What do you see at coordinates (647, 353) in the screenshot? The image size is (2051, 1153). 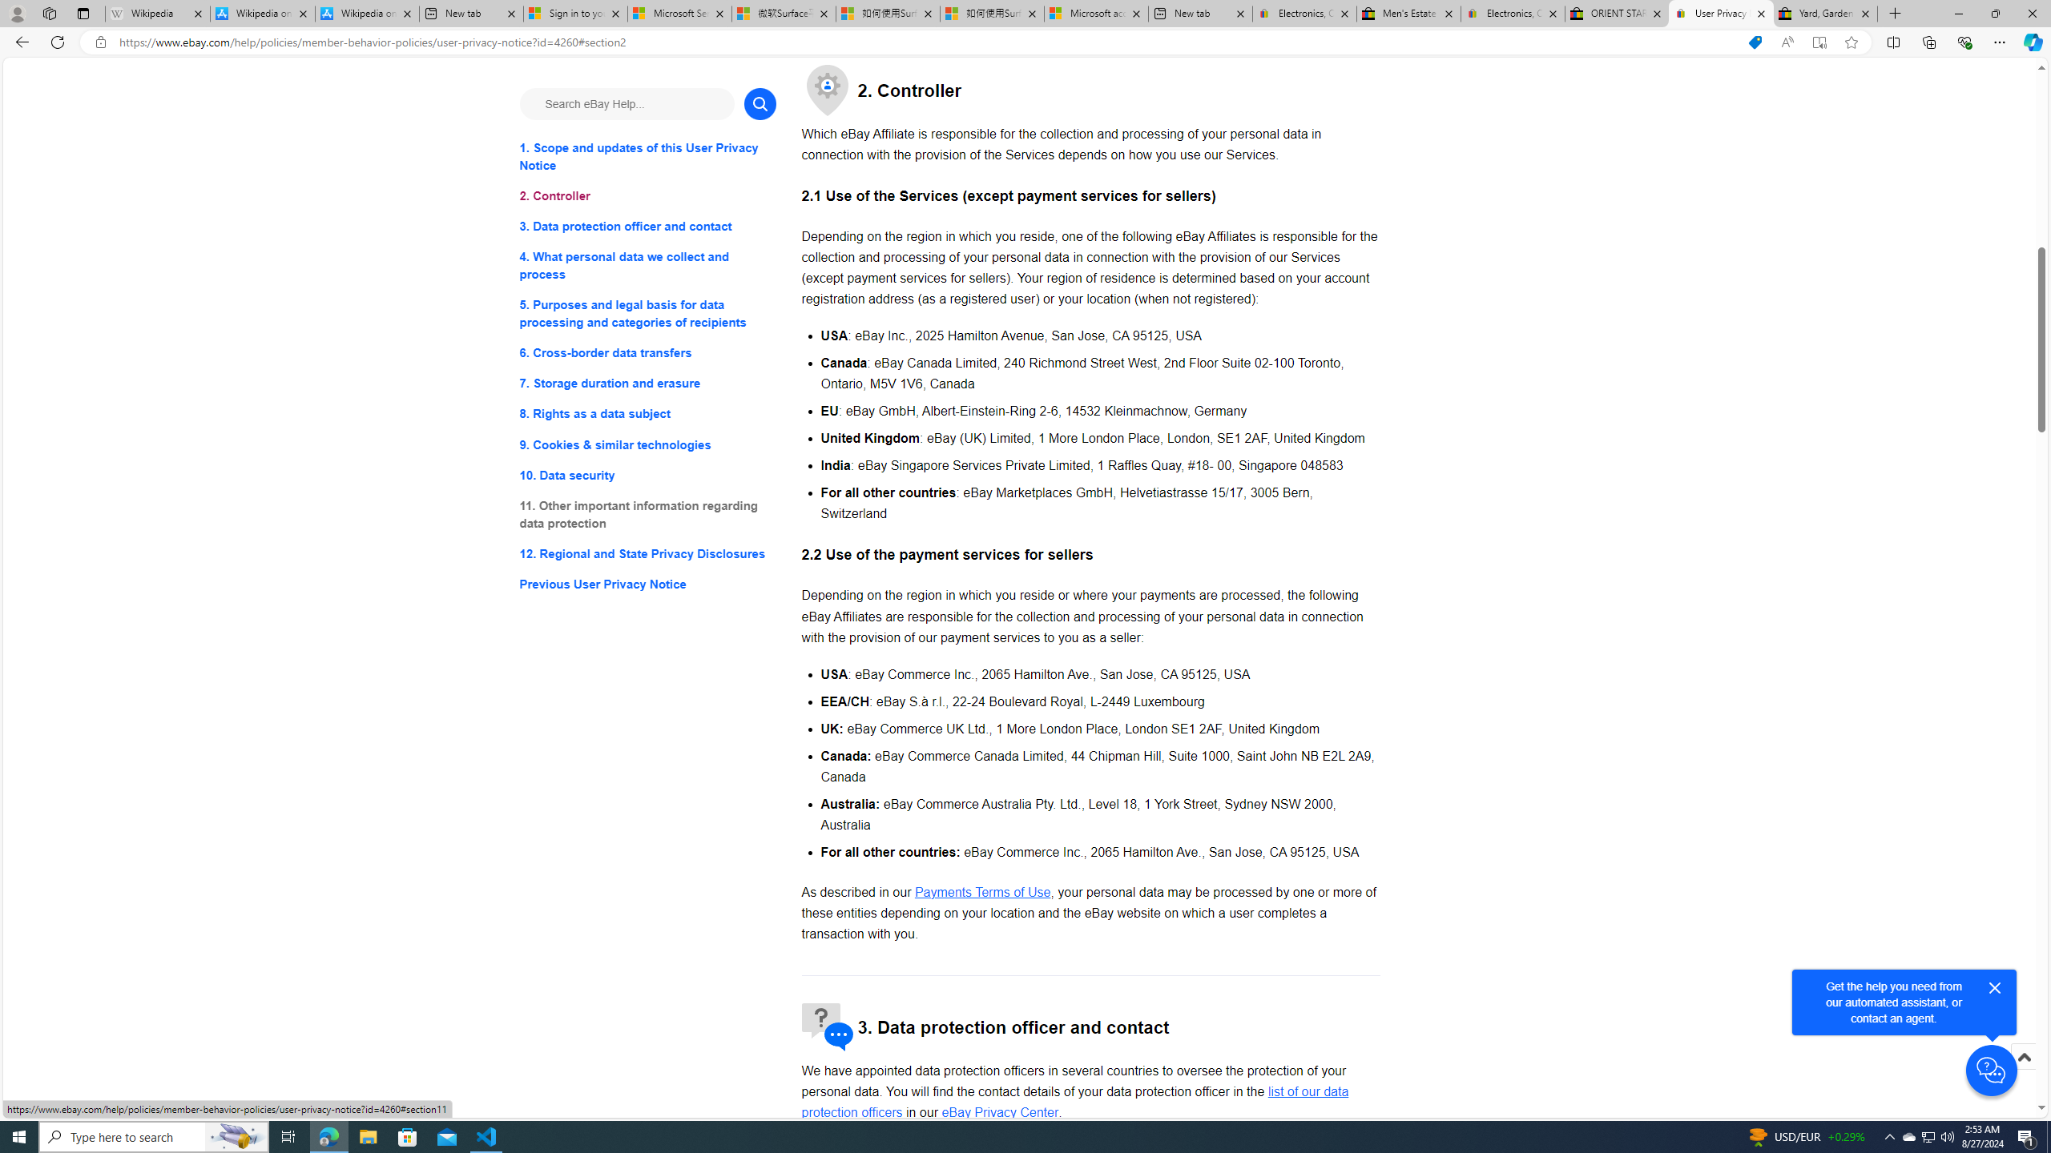 I see `'6. Cross-border data transfers'` at bounding box center [647, 353].